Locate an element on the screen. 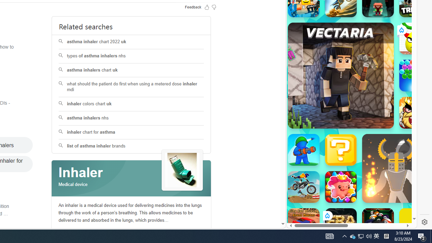 This screenshot has height=243, width=432. 'Crazy Bikes Crazy Bikes' is located at coordinates (303, 187).